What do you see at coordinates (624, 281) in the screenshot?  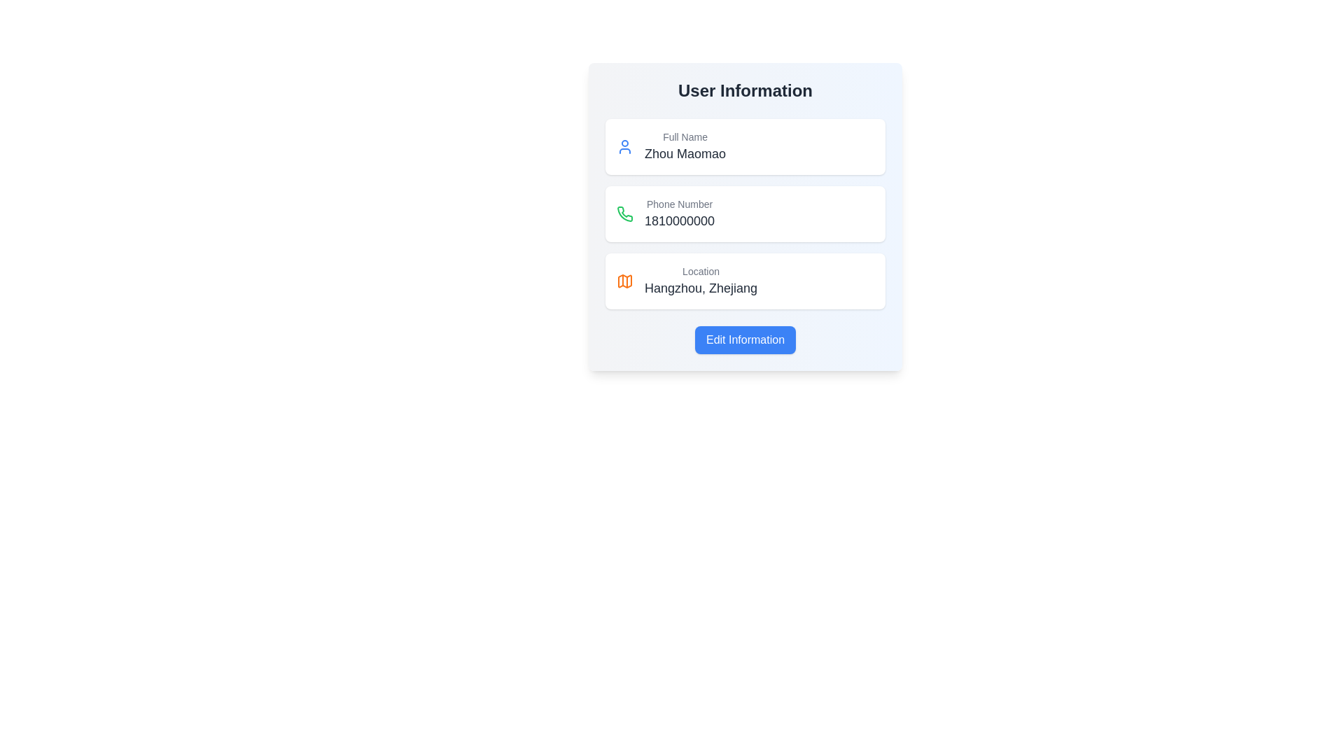 I see `the location icon representing 'Hangzhou, Zhejiang' in the user information section, positioned at the top-left corner of the field` at bounding box center [624, 281].